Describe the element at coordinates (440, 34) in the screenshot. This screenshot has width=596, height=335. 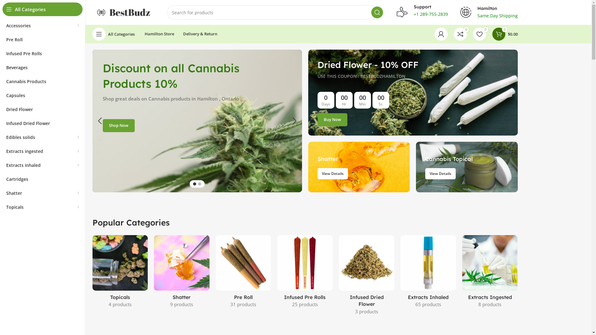
I see `'My account'` at that location.